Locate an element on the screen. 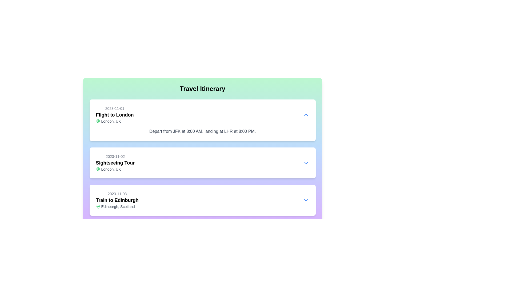 This screenshot has width=512, height=288. the non-interactive informational text label displaying the event date in the header section of the 'Train to Edinburgh' card is located at coordinates (117, 194).